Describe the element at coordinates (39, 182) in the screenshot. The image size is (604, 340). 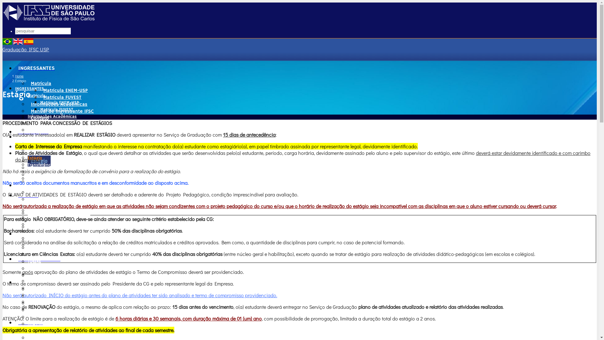
I see `'Eventos'` at that location.